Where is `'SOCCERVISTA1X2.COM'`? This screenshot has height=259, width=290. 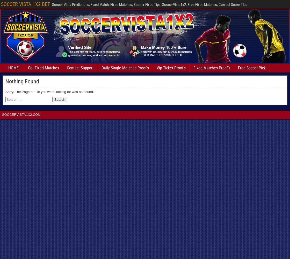
'SOCCERVISTA1X2.COM' is located at coordinates (2, 114).